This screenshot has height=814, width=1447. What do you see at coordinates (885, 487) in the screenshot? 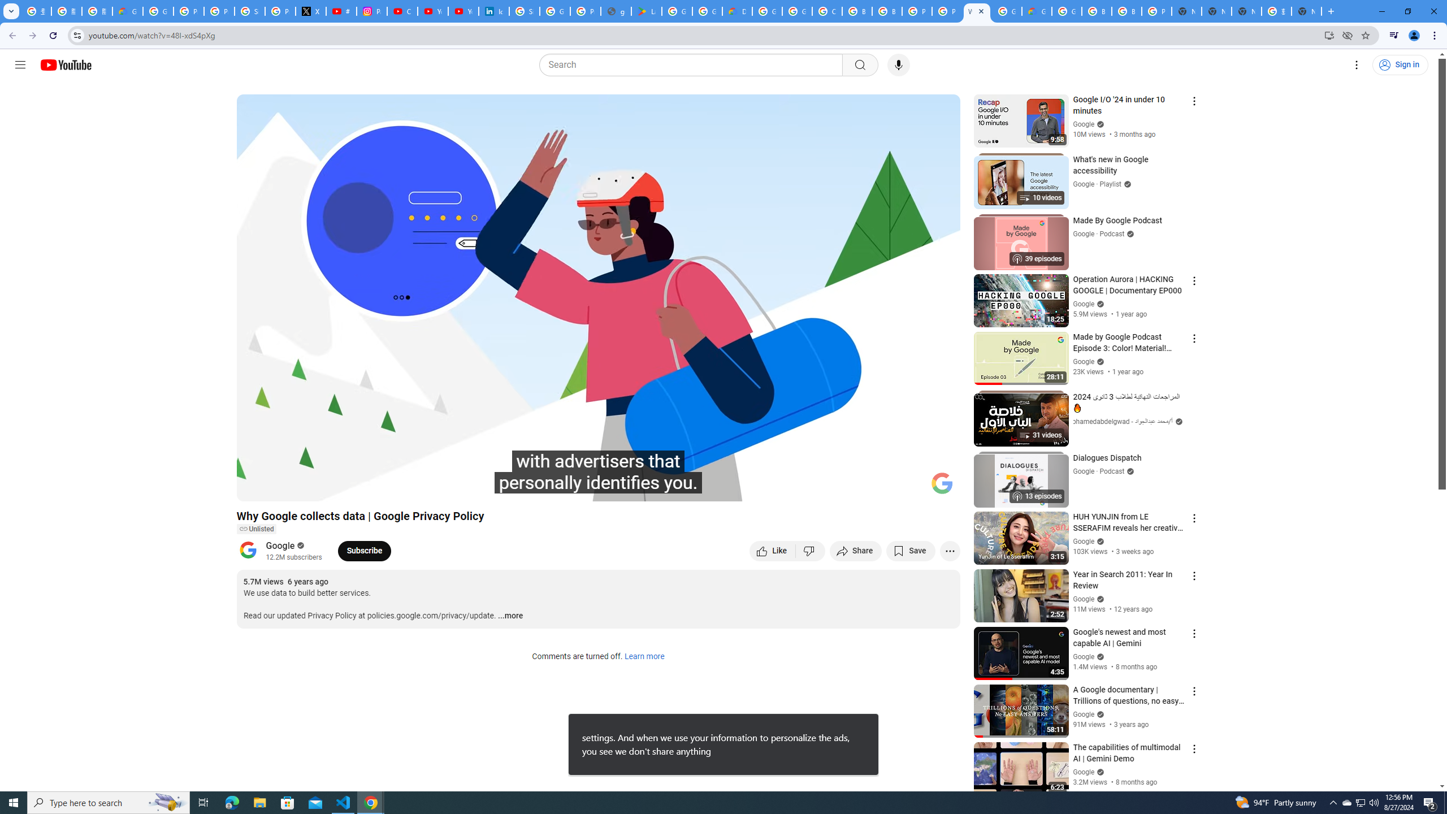
I see `'Miniplayer (i)'` at bounding box center [885, 487].